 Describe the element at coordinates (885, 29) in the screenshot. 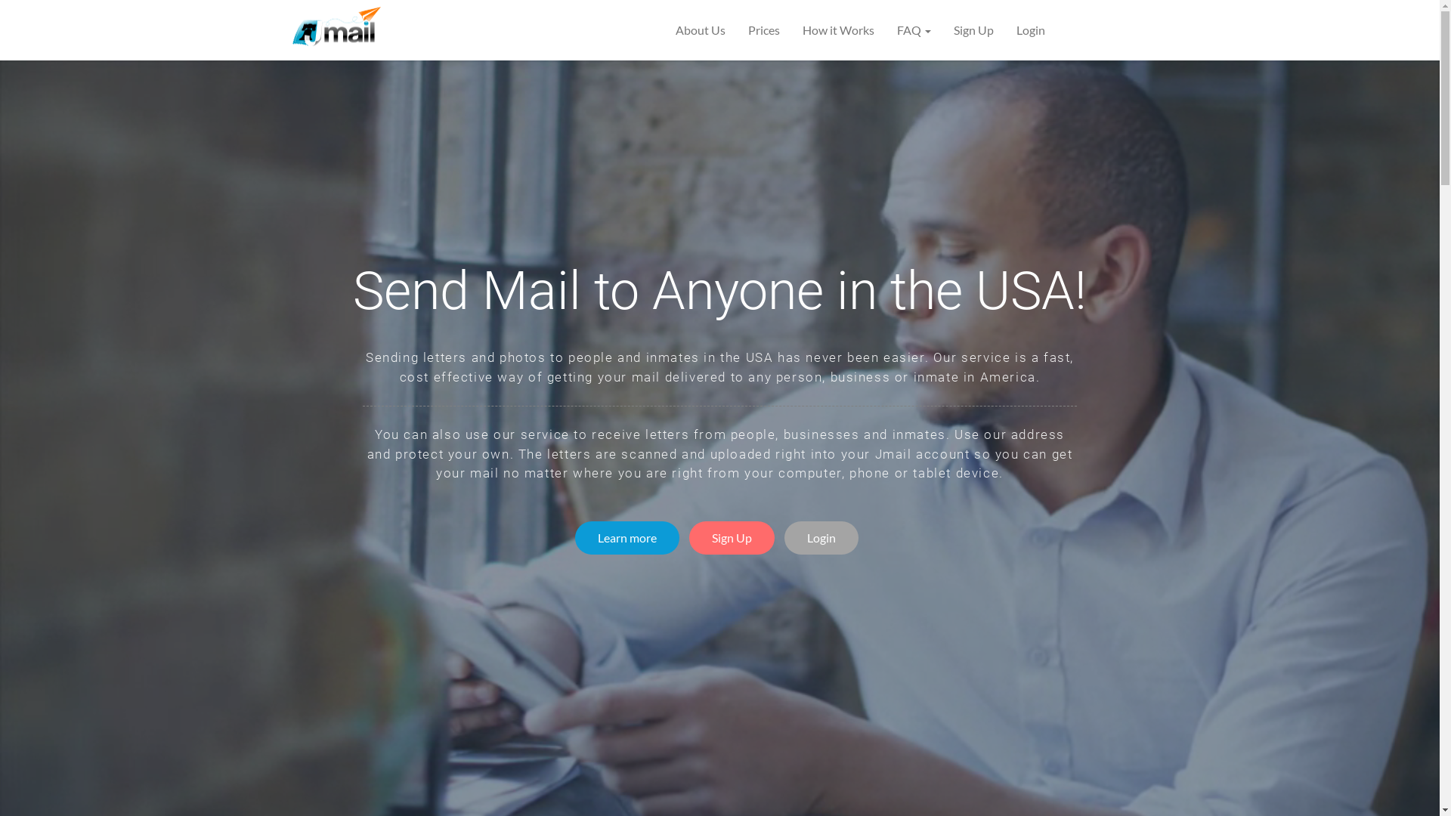

I see `'FAQ'` at that location.